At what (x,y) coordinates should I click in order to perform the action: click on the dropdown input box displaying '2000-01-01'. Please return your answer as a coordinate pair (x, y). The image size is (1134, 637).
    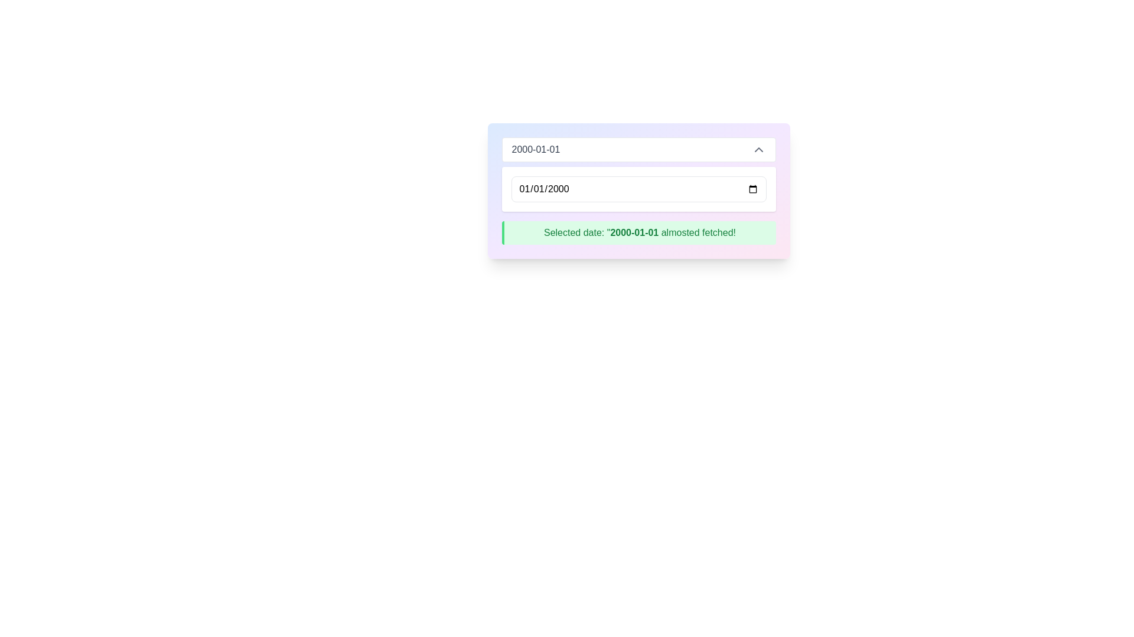
    Looking at the image, I should click on (638, 149).